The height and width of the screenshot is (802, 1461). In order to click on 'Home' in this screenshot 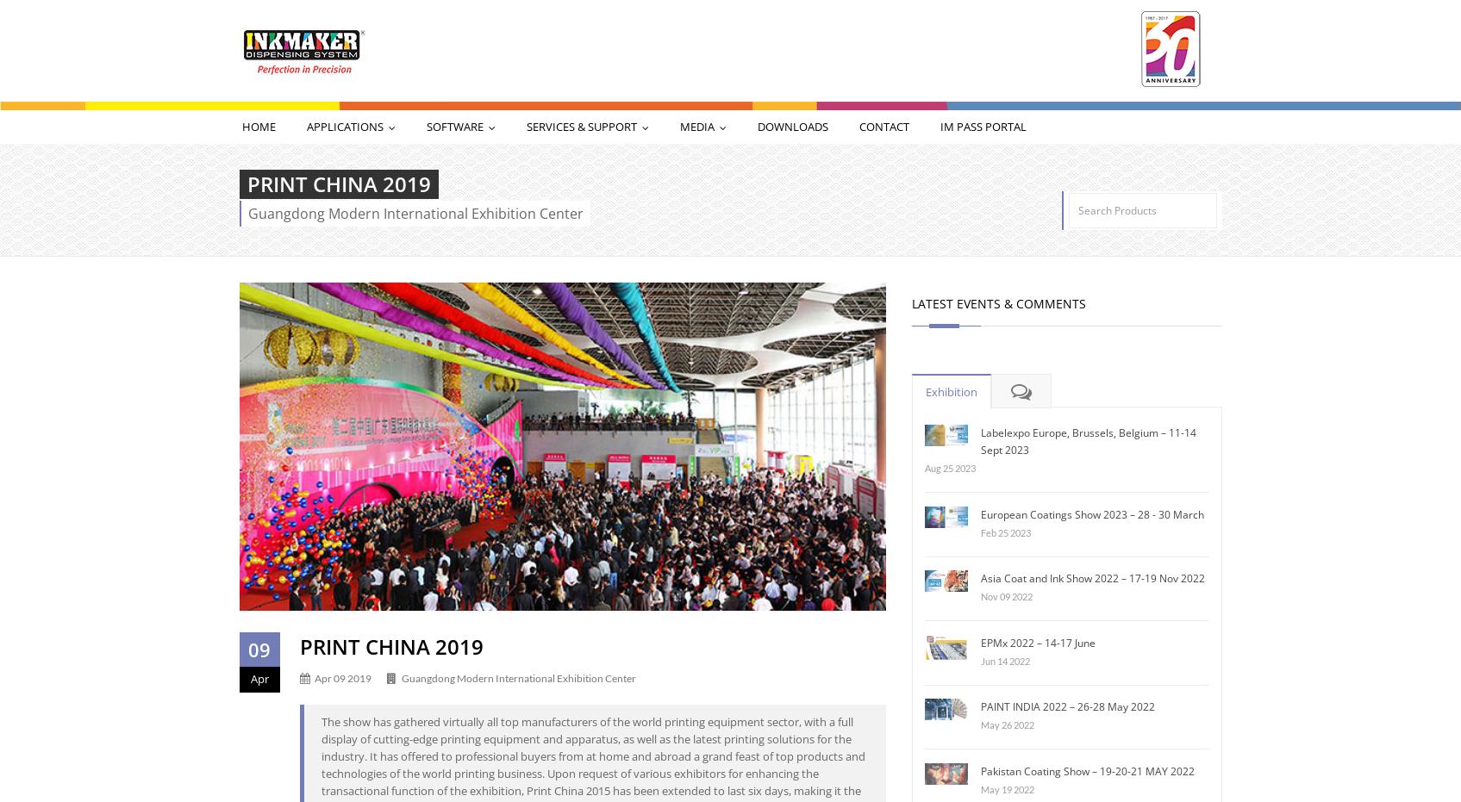, I will do `click(258, 126)`.